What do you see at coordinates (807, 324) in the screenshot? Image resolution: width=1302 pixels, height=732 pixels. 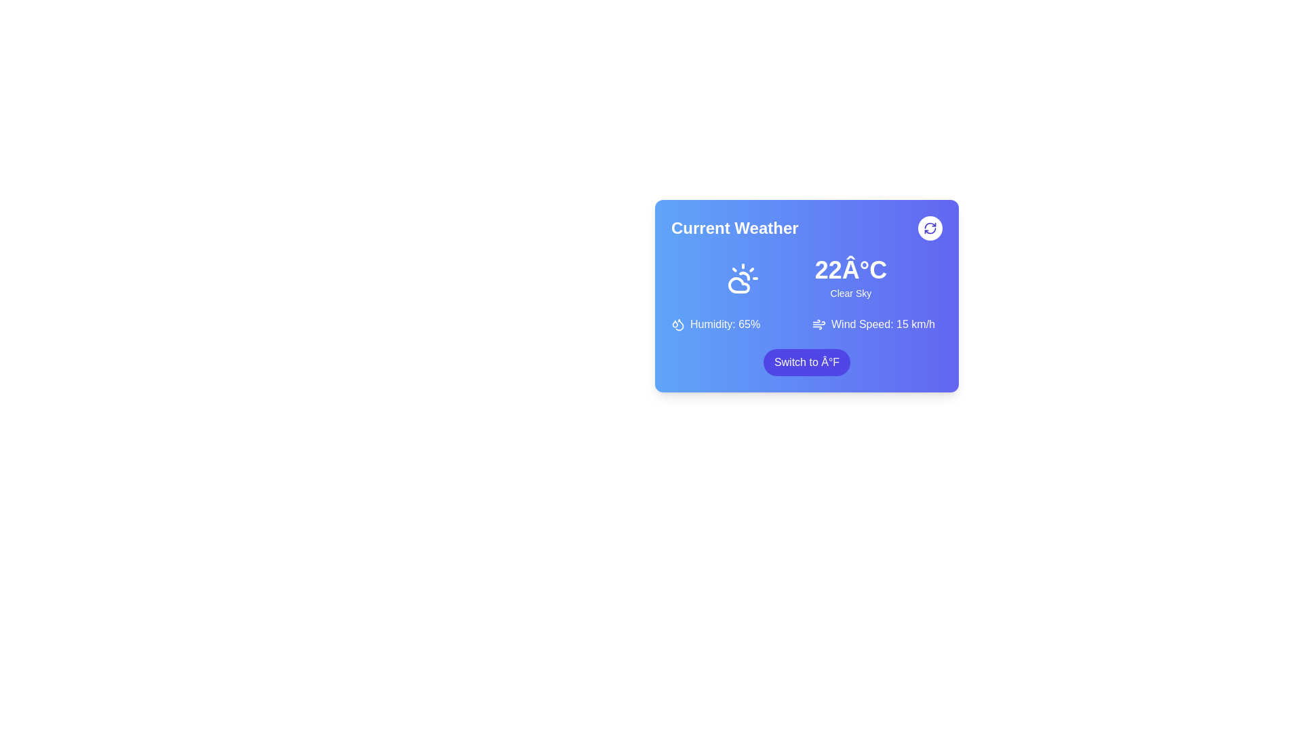 I see `the Data Display element that shows humidity and wind speed, styled in white text against a gradient blue-purple background, located centrally on the card component below the temperature and weather description section` at bounding box center [807, 324].